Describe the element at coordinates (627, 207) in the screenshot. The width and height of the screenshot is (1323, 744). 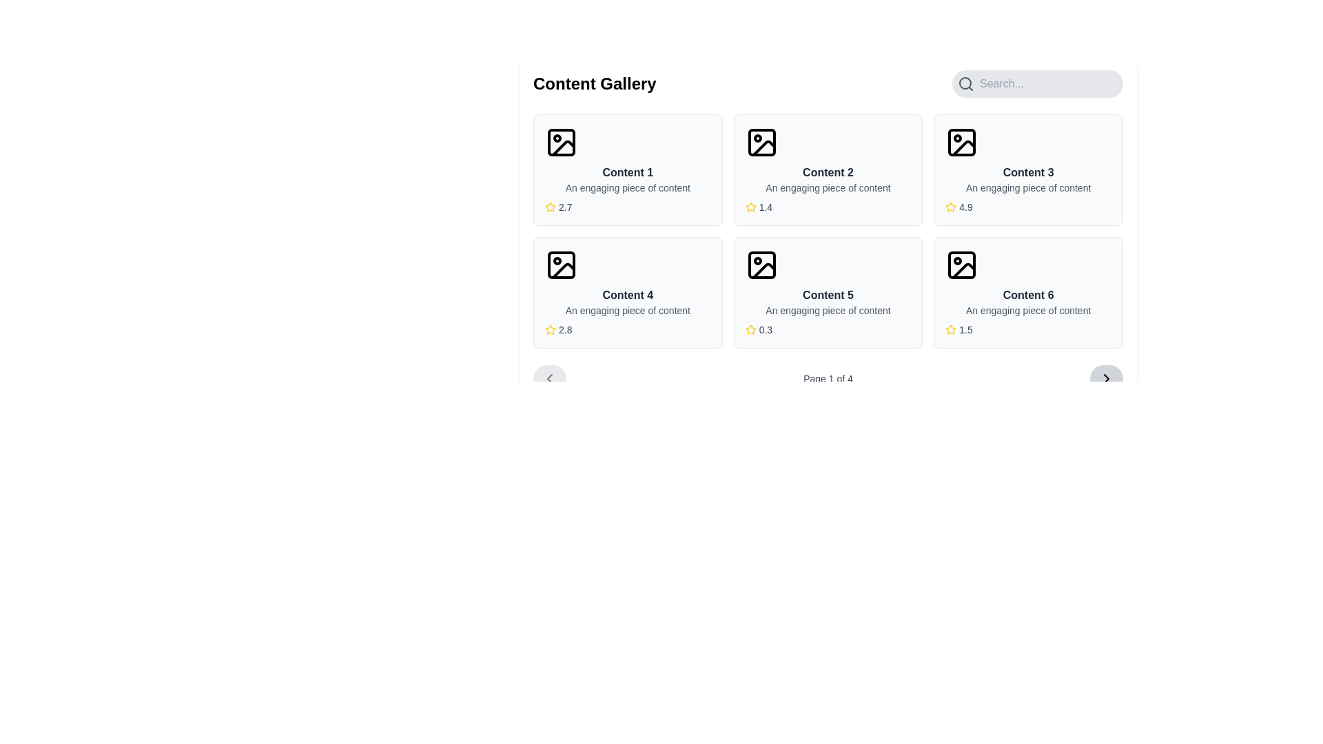
I see `the yellow star graphic in the Rating component located at the bottom-left corner of the 'Content 1' card within the 'Content Gallery', which displays a rating of '2.7'` at that location.